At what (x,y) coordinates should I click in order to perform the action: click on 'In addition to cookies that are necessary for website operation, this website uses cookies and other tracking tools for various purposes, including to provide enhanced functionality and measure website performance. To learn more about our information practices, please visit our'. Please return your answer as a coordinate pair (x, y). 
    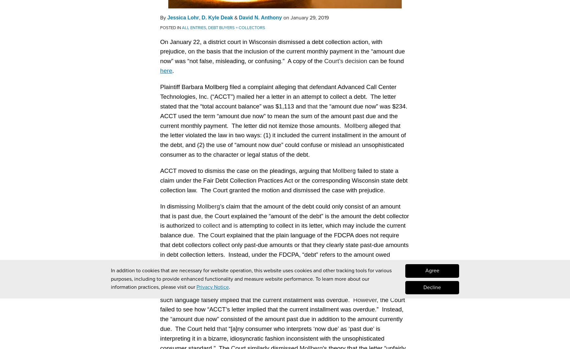
    Looking at the image, I should click on (251, 278).